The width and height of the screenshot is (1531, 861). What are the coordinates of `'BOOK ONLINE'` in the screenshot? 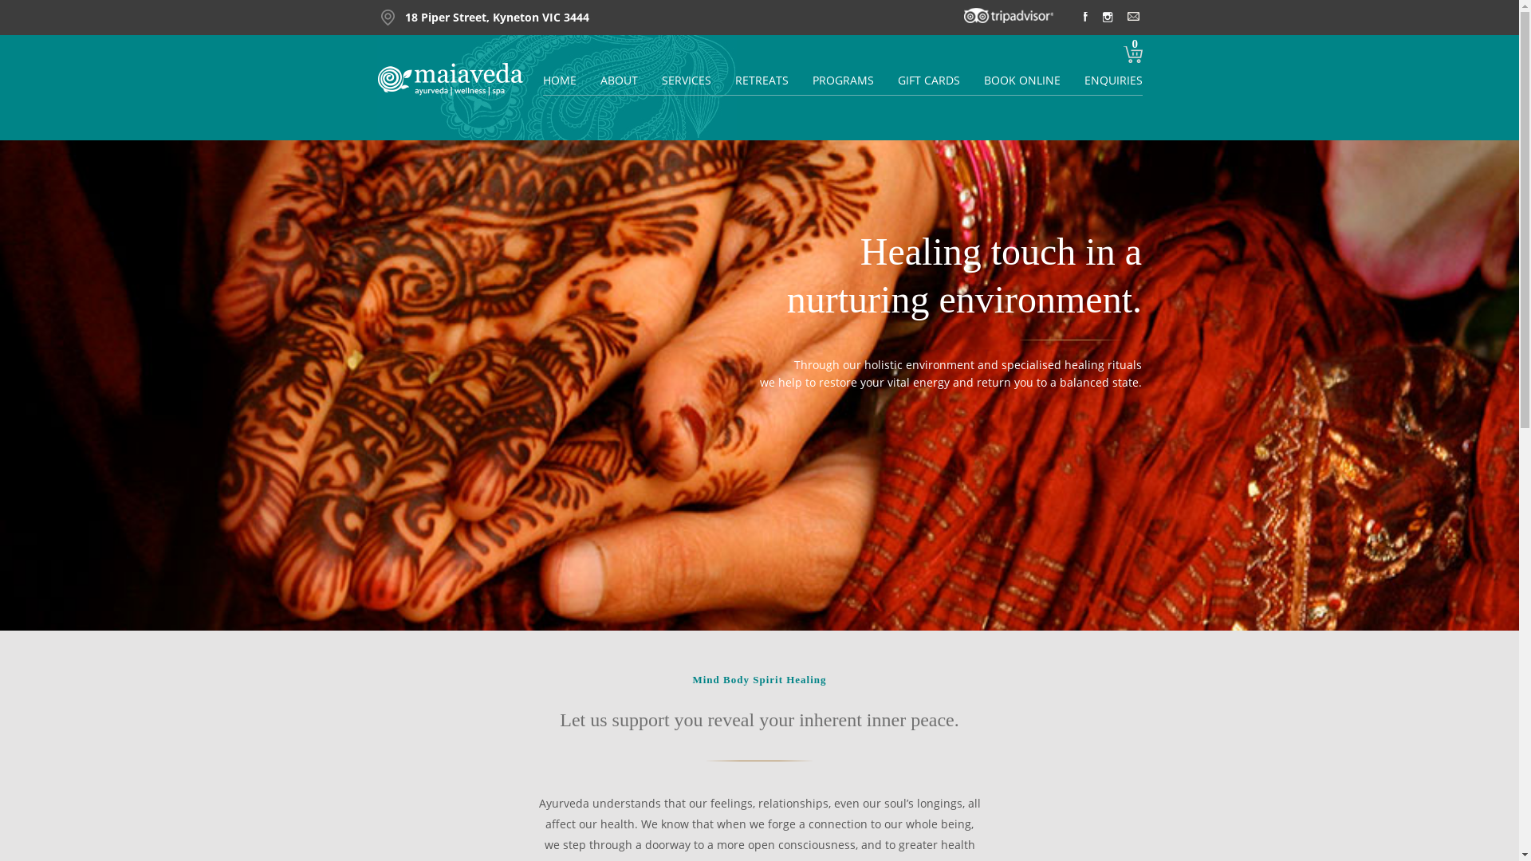 It's located at (1021, 80).